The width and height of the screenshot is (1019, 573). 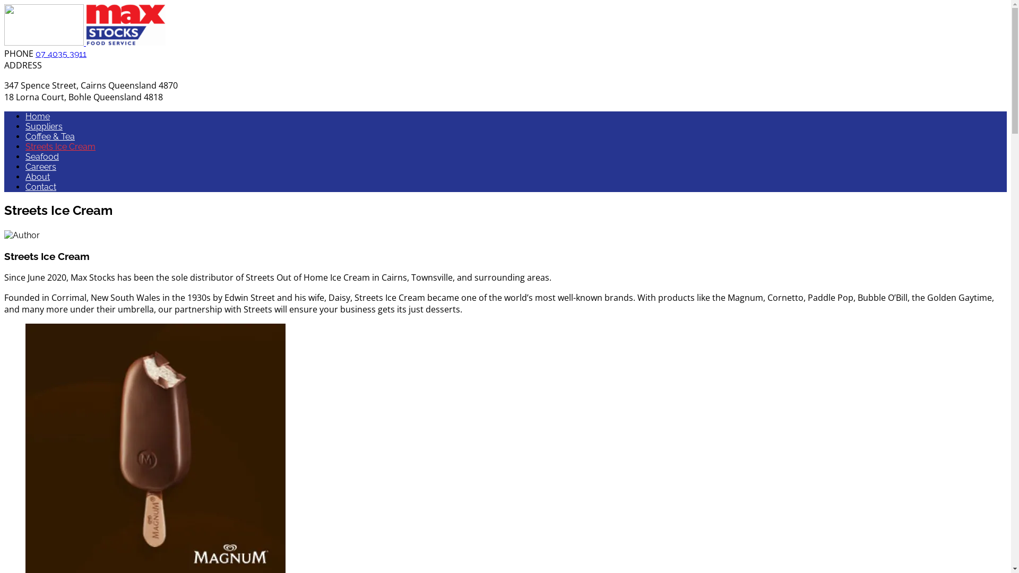 What do you see at coordinates (49, 136) in the screenshot?
I see `'Coffee & Tea'` at bounding box center [49, 136].